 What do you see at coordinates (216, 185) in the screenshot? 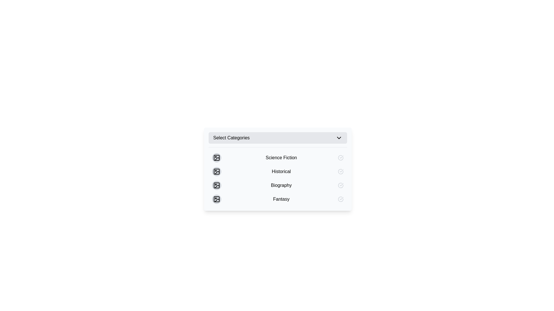
I see `the picture frame icon with a light gray background and black strokes` at bounding box center [216, 185].